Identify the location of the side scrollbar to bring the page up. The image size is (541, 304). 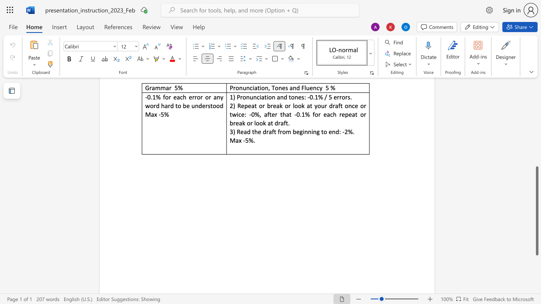
(536, 118).